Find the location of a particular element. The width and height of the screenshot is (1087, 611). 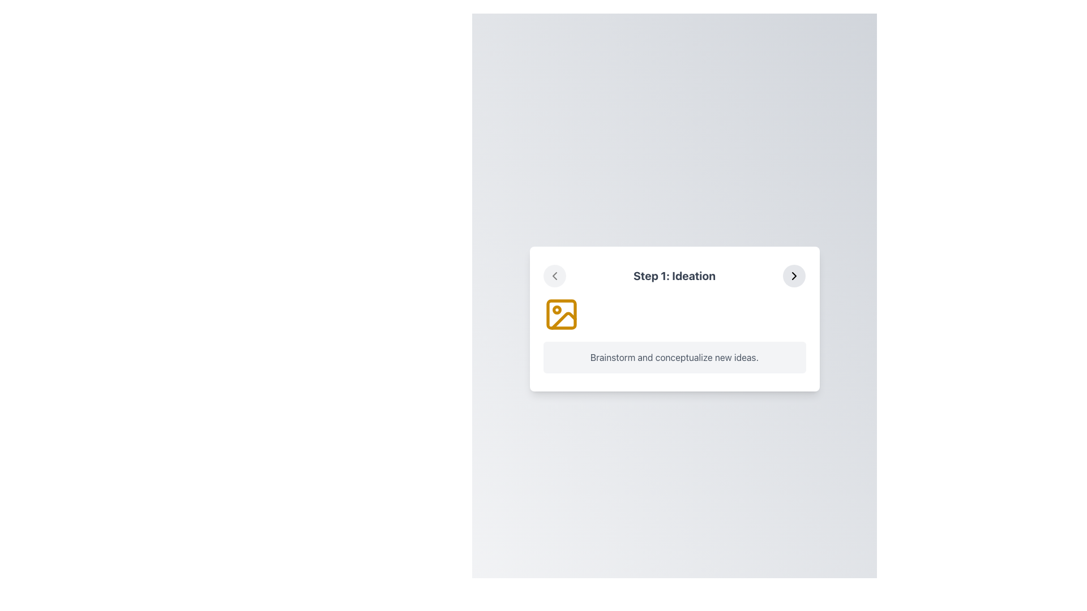

the text box with the light gray background that contains the text 'Brainstorm and conceptualize new ideas.' This text box is located below the icon and title labeled 'Step 1: Ideation.' is located at coordinates (674, 358).